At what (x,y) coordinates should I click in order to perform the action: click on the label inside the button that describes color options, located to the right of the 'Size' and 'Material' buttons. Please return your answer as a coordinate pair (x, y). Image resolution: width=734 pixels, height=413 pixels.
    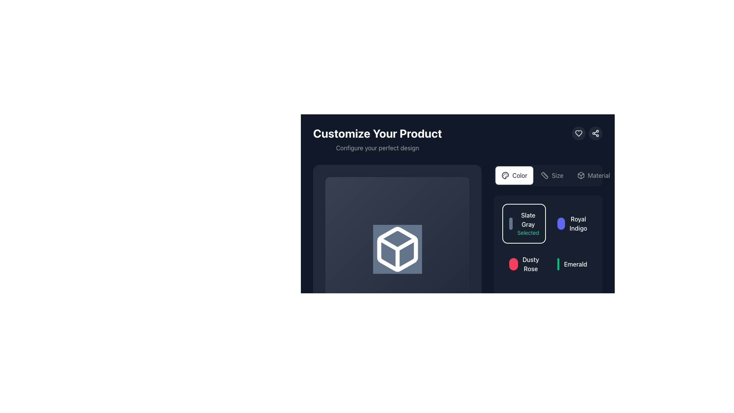
    Looking at the image, I should click on (520, 176).